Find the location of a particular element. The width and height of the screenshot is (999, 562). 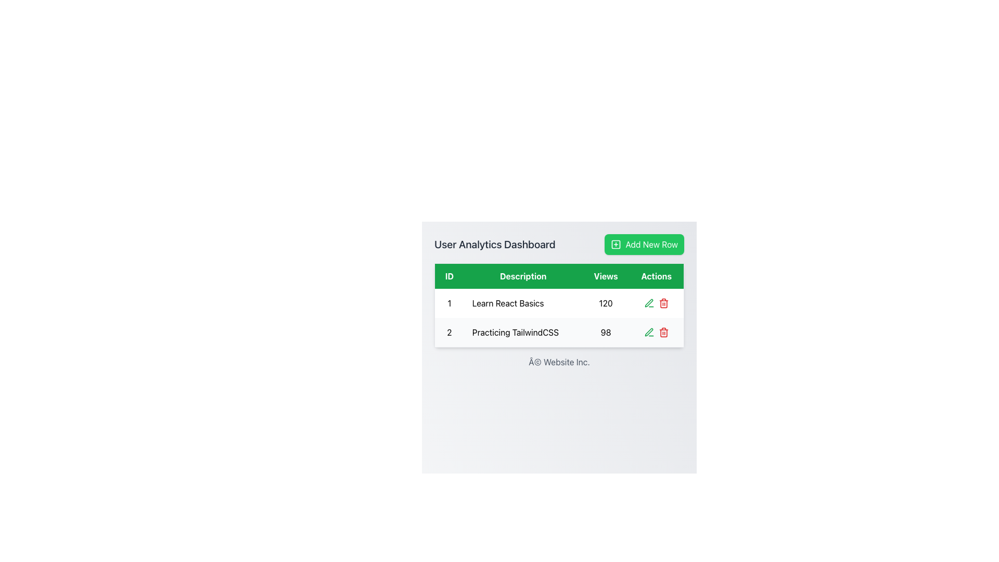

the green square with rounded corners located within the 'Add New Row' button, positioned in the top right corner of the table header section is located at coordinates (616, 245).